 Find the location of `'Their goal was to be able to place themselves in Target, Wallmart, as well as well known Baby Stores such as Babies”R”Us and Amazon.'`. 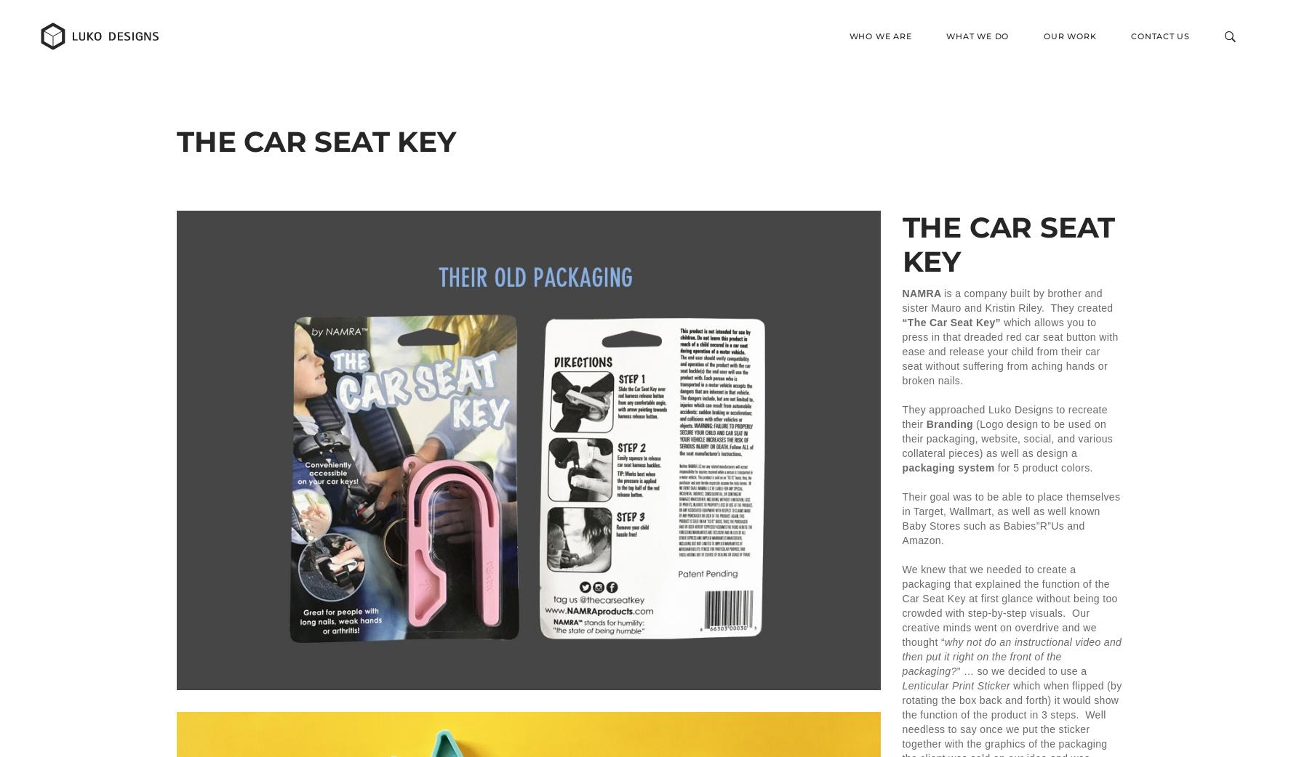

'Their goal was to be able to place themselves in Target, Wallmart, as well as well known Baby Stores such as Babies”R”Us and Amazon.' is located at coordinates (1010, 517).